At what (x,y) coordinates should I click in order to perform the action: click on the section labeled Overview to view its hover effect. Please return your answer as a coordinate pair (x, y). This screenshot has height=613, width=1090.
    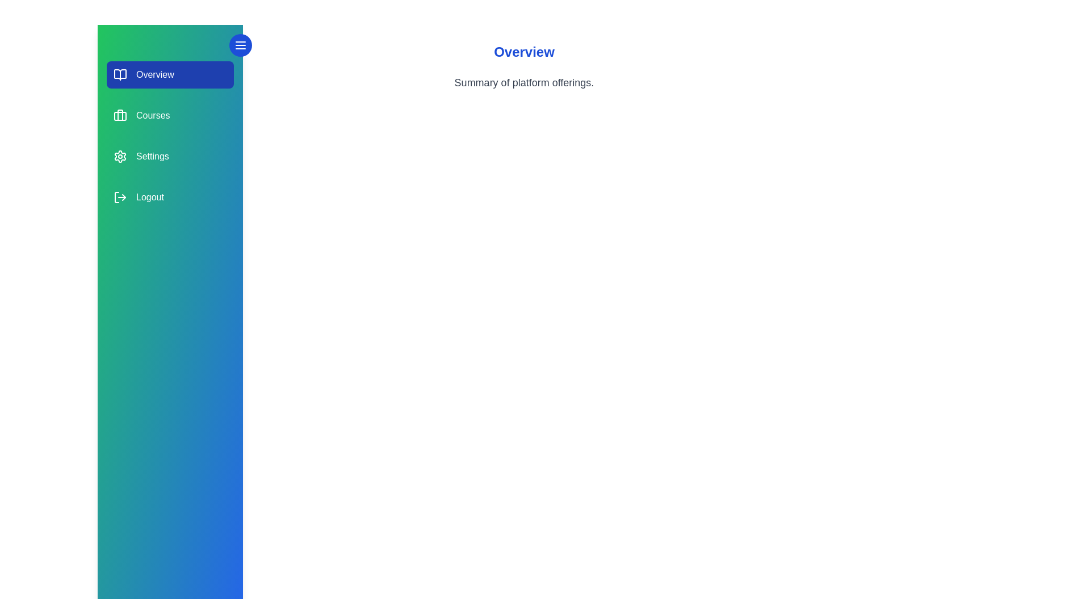
    Looking at the image, I should click on (169, 74).